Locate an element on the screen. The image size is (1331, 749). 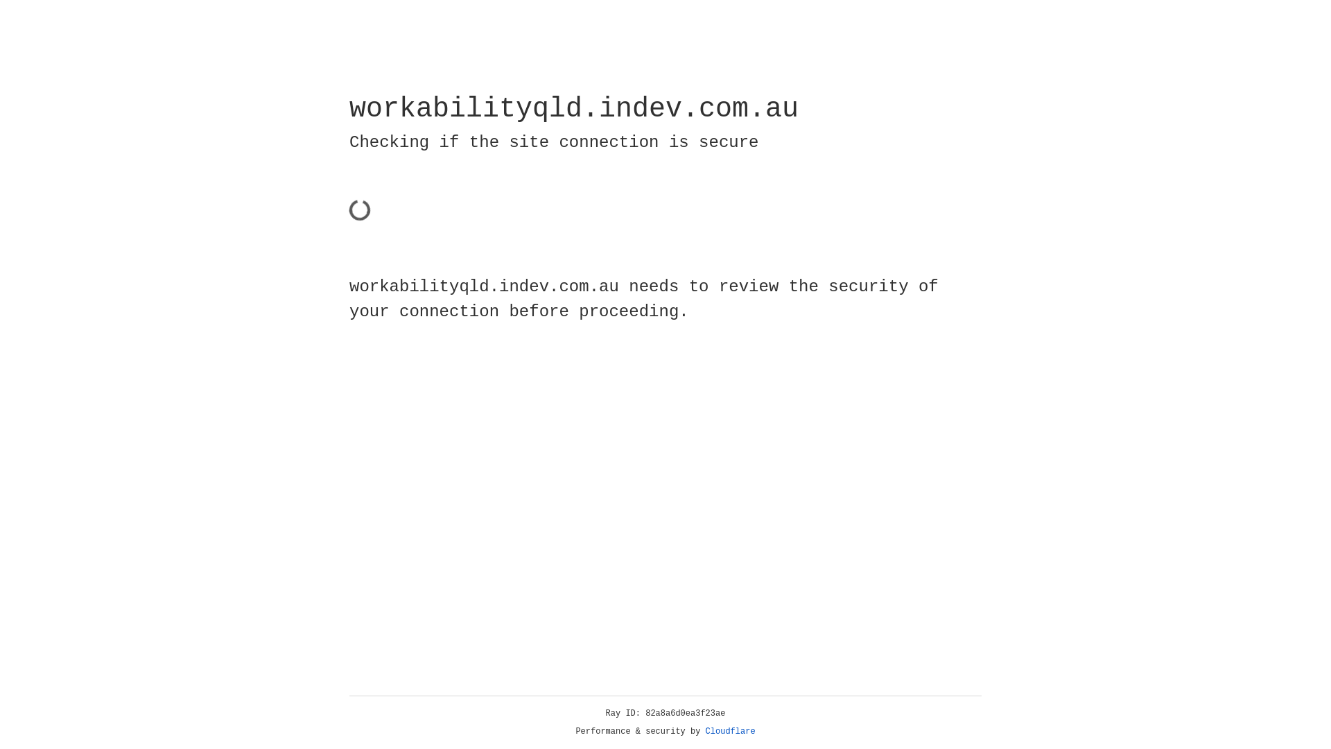
'Cloudflare' is located at coordinates (730, 731).